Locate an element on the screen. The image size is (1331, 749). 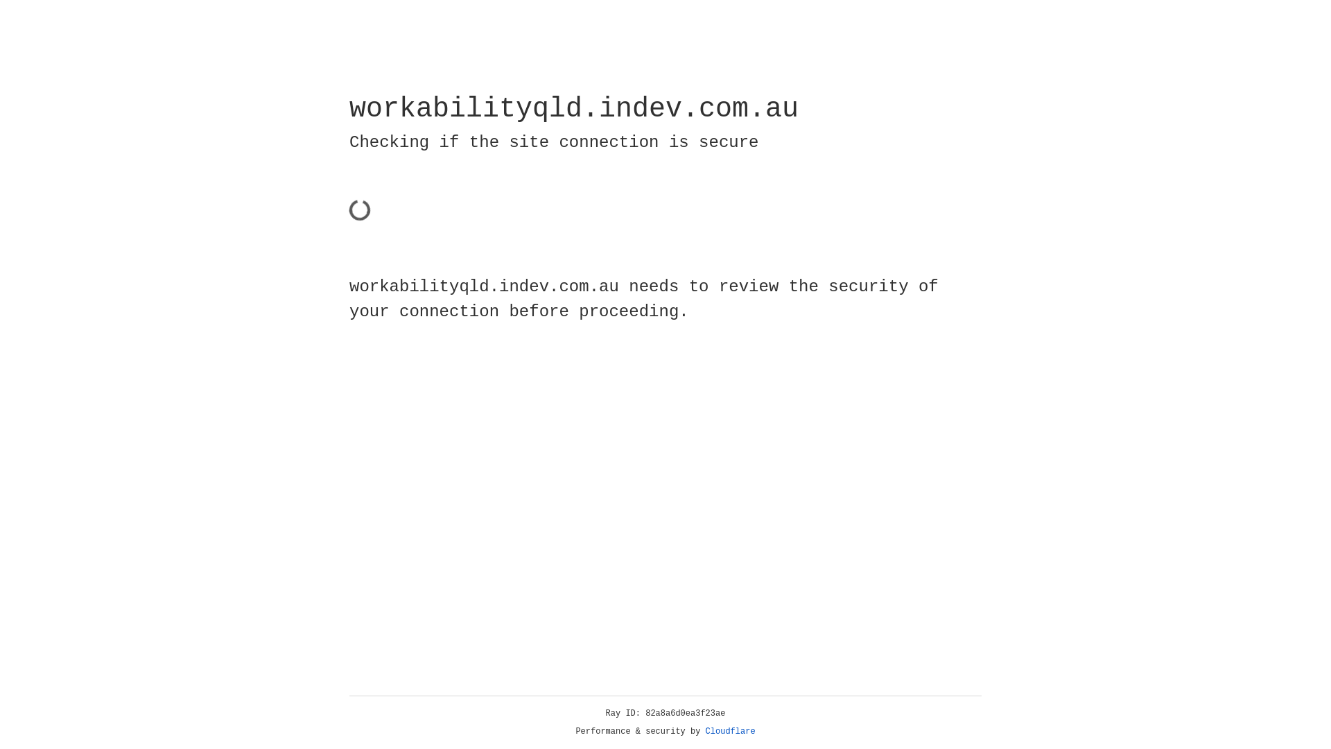
'Cloudflare' is located at coordinates (730, 731).